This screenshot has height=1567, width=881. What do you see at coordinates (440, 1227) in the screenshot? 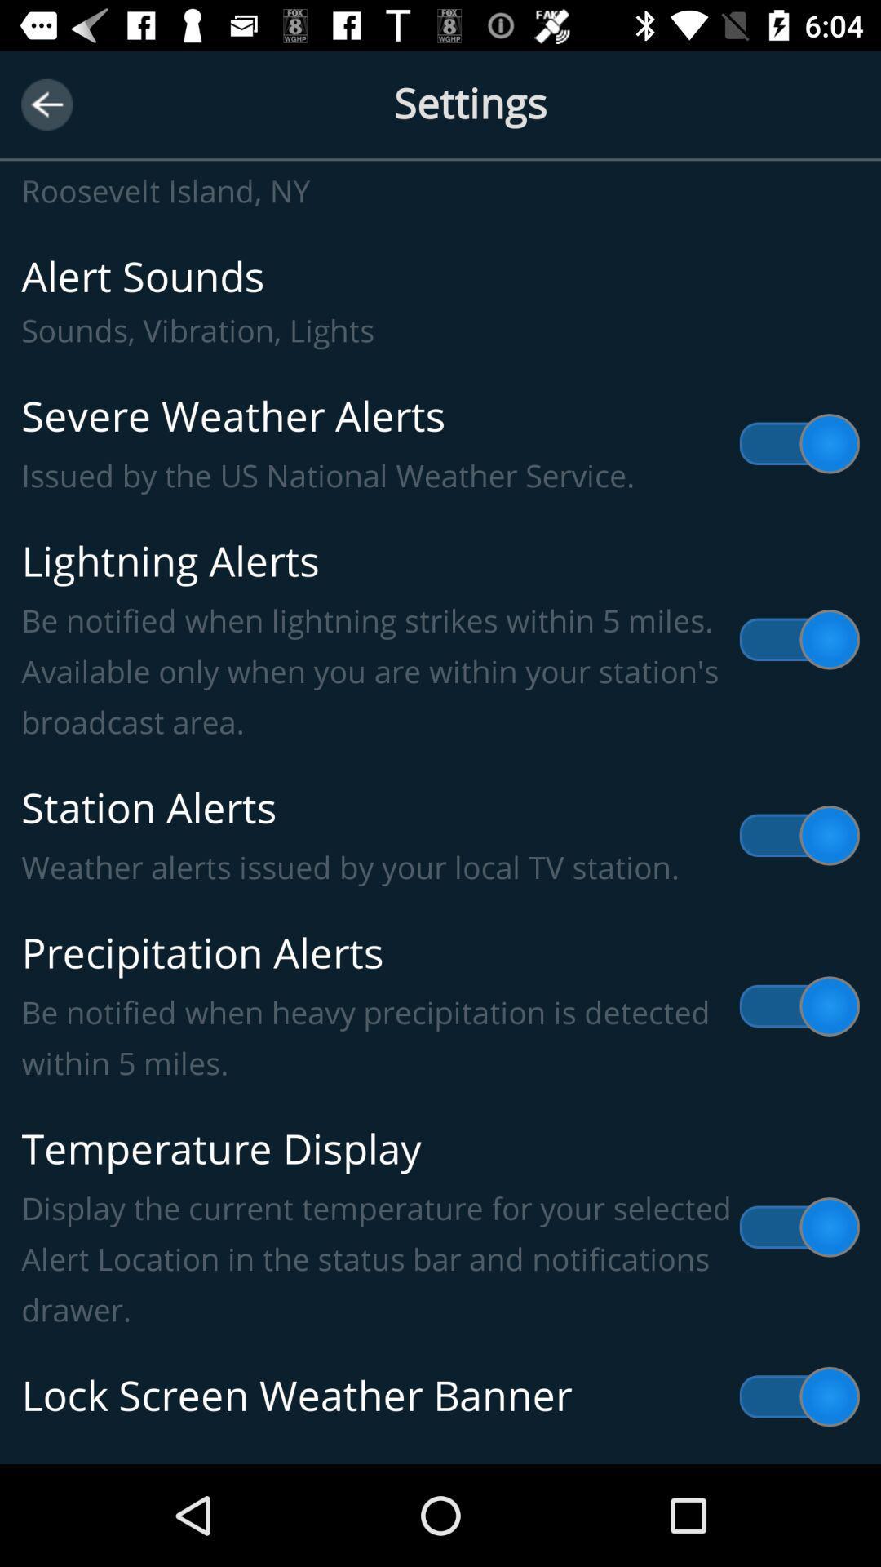
I see `item above the lock screen weather` at bounding box center [440, 1227].